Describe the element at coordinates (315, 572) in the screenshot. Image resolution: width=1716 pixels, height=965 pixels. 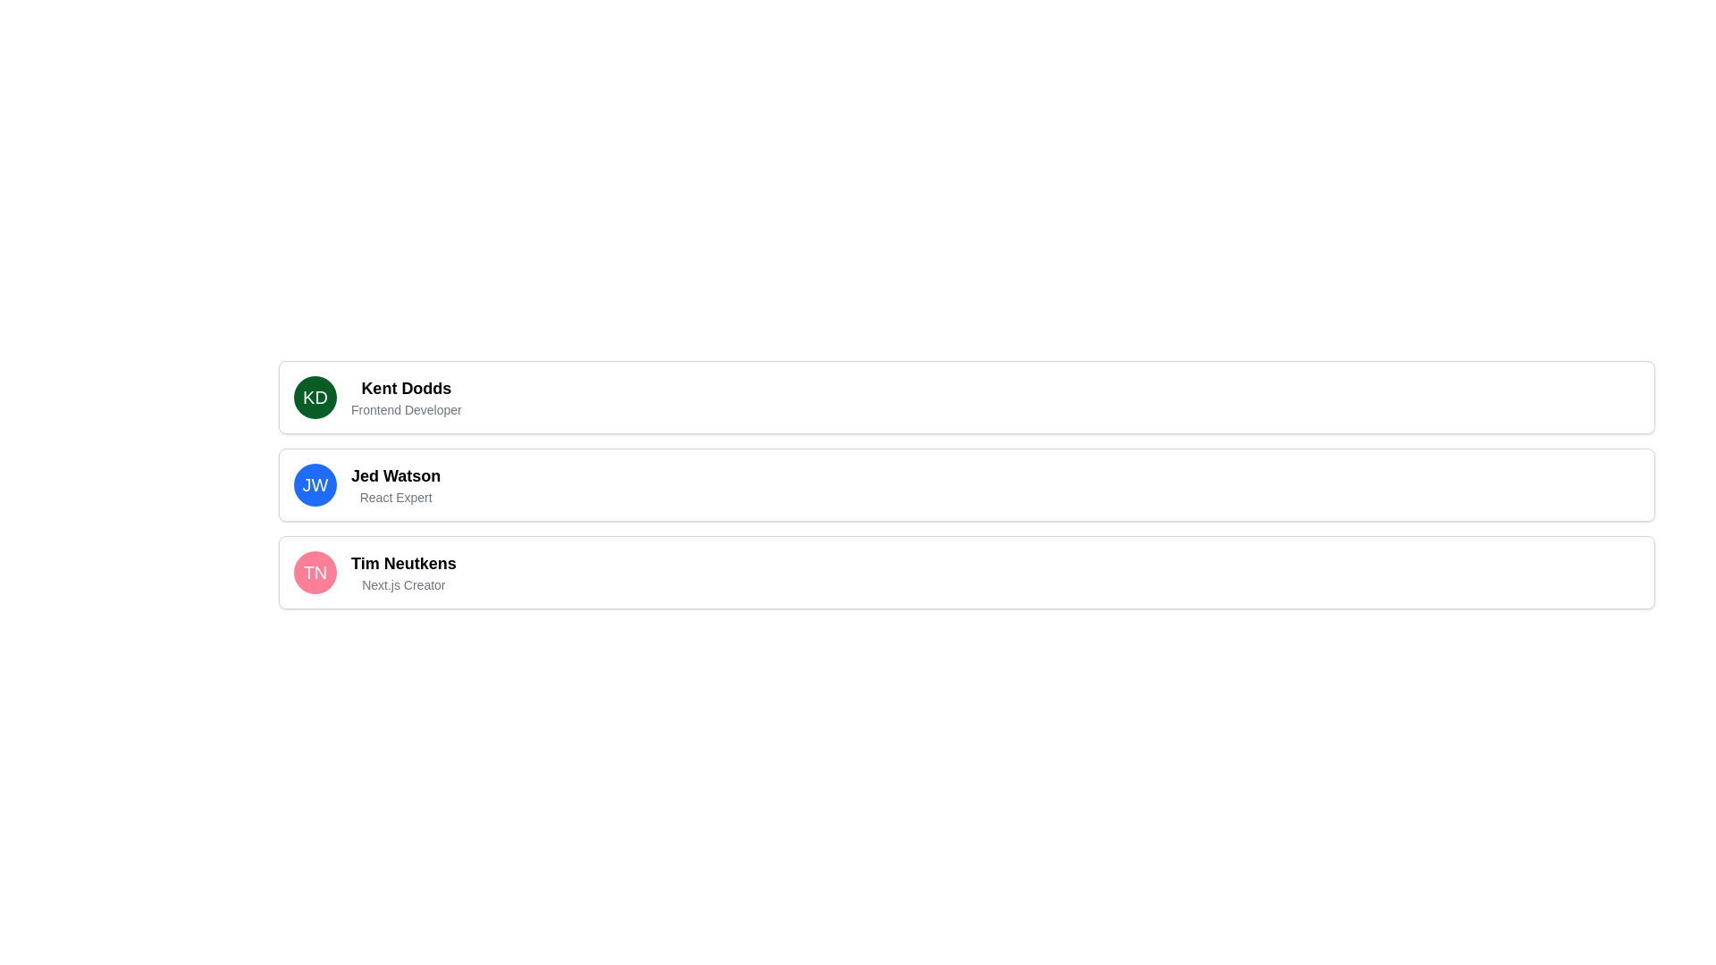
I see `the circular avatar profile picture with the text 'TN'` at that location.